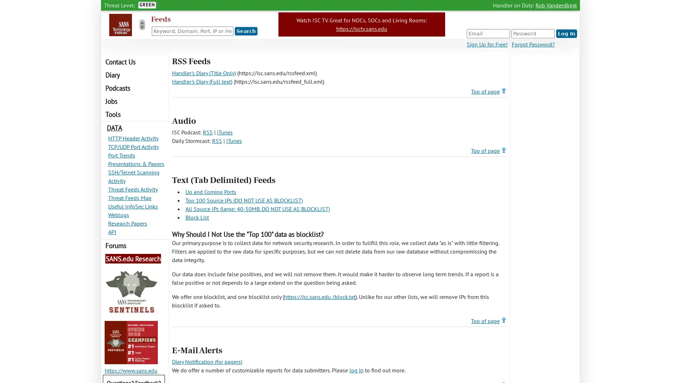 The height and width of the screenshot is (383, 681). I want to click on Log In, so click(566, 34).